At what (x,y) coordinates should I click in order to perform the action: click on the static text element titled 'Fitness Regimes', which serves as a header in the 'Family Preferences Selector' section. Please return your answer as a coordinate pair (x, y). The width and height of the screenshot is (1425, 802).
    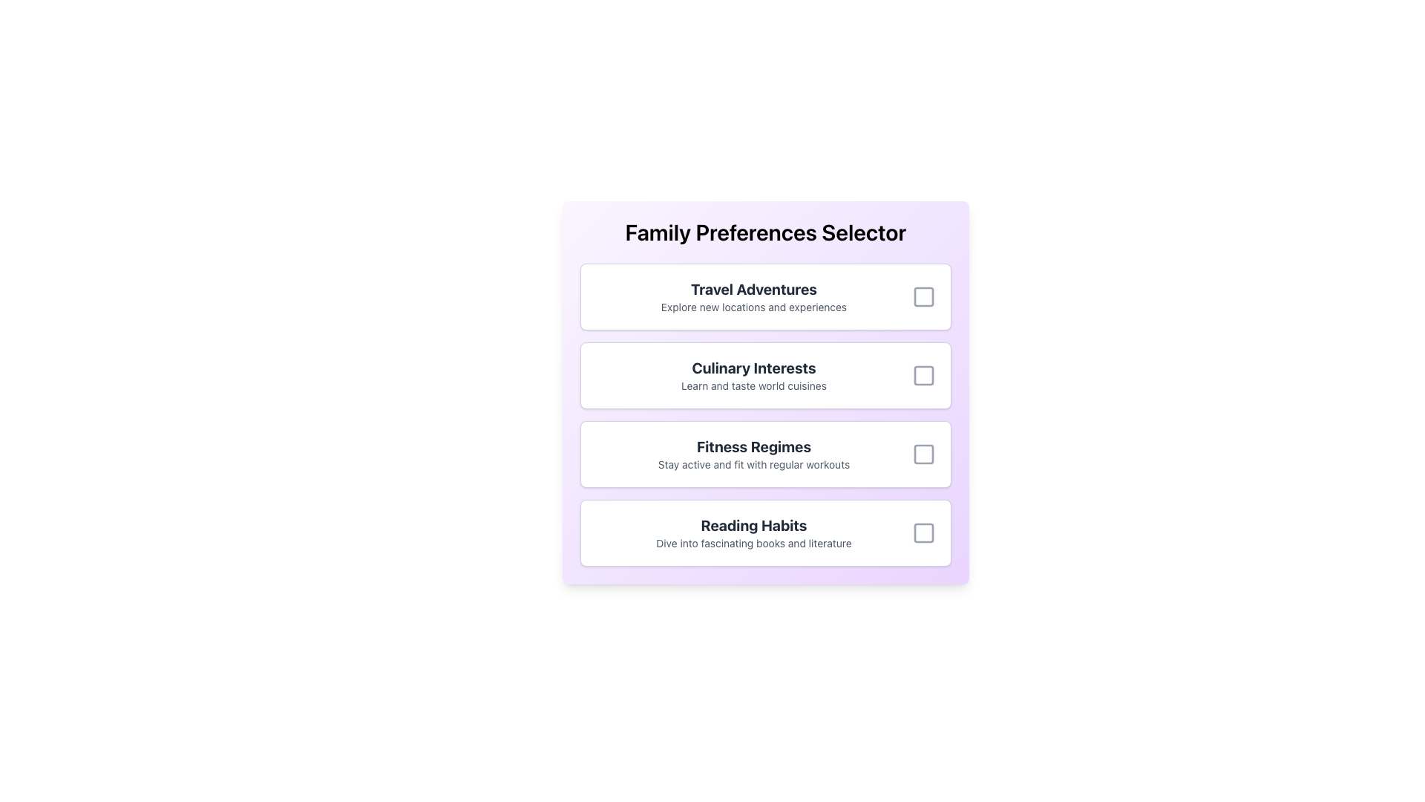
    Looking at the image, I should click on (754, 446).